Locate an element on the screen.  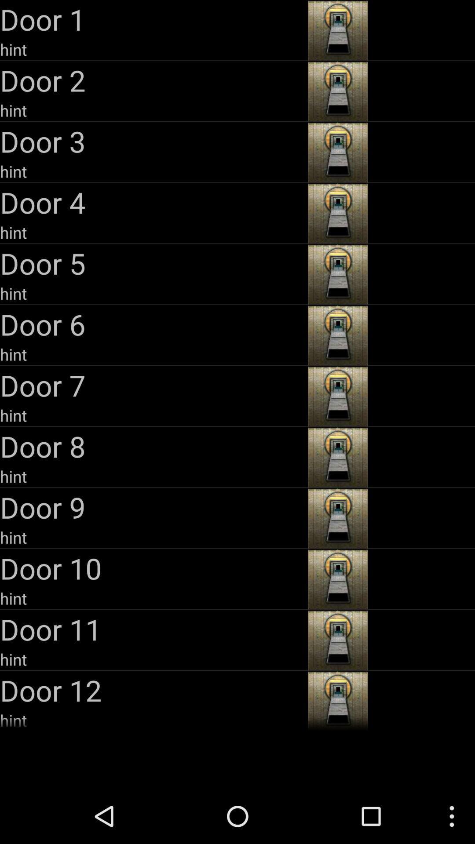
the item above the hint is located at coordinates (152, 202).